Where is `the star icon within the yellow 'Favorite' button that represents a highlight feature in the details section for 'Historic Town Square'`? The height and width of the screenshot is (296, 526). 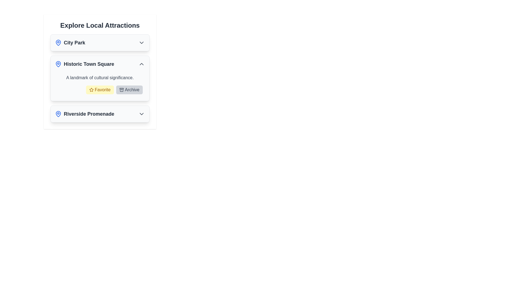 the star icon within the yellow 'Favorite' button that represents a highlight feature in the details section for 'Historic Town Square' is located at coordinates (91, 89).